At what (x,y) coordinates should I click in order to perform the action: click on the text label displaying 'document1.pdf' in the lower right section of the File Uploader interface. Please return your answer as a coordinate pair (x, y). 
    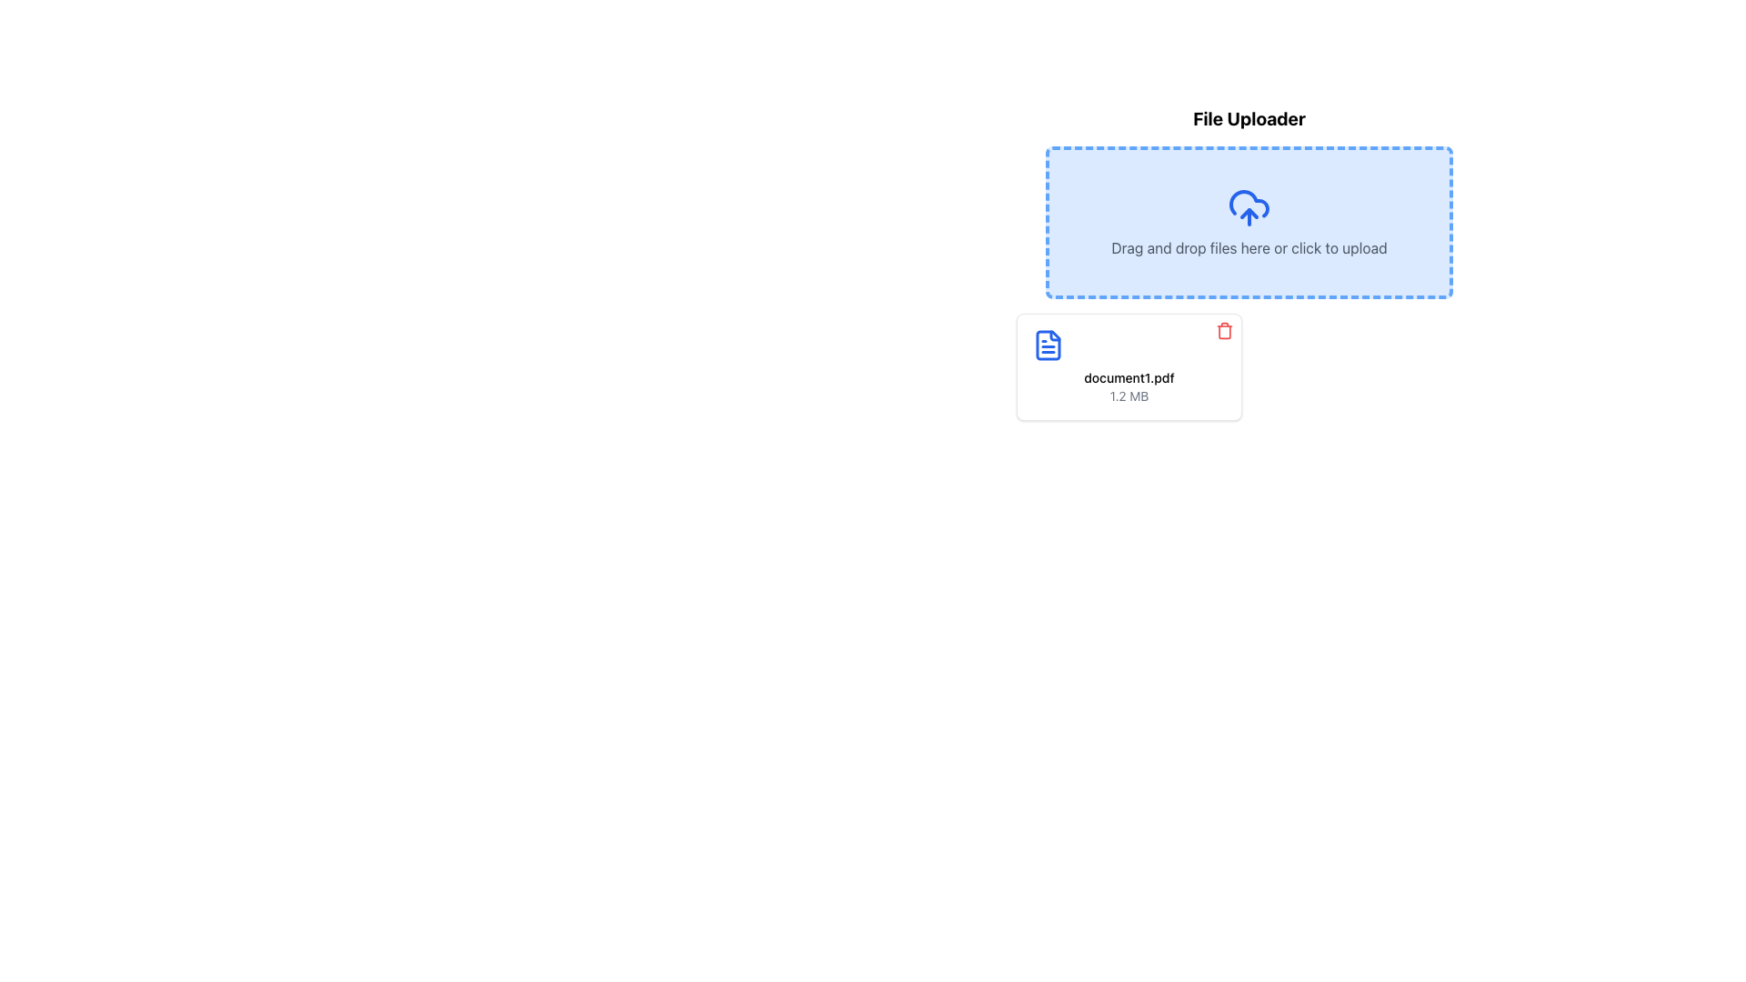
    Looking at the image, I should click on (1129, 377).